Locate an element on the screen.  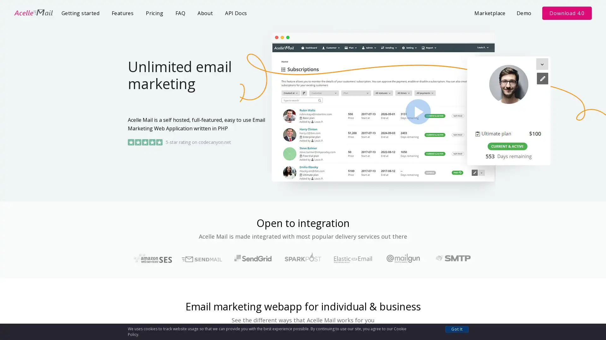
Got It is located at coordinates (457, 329).